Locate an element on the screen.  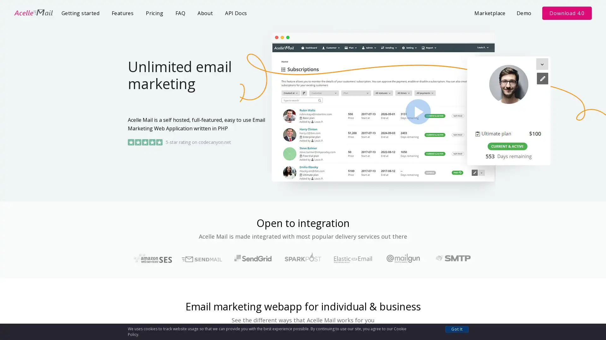
Got It is located at coordinates (457, 329).